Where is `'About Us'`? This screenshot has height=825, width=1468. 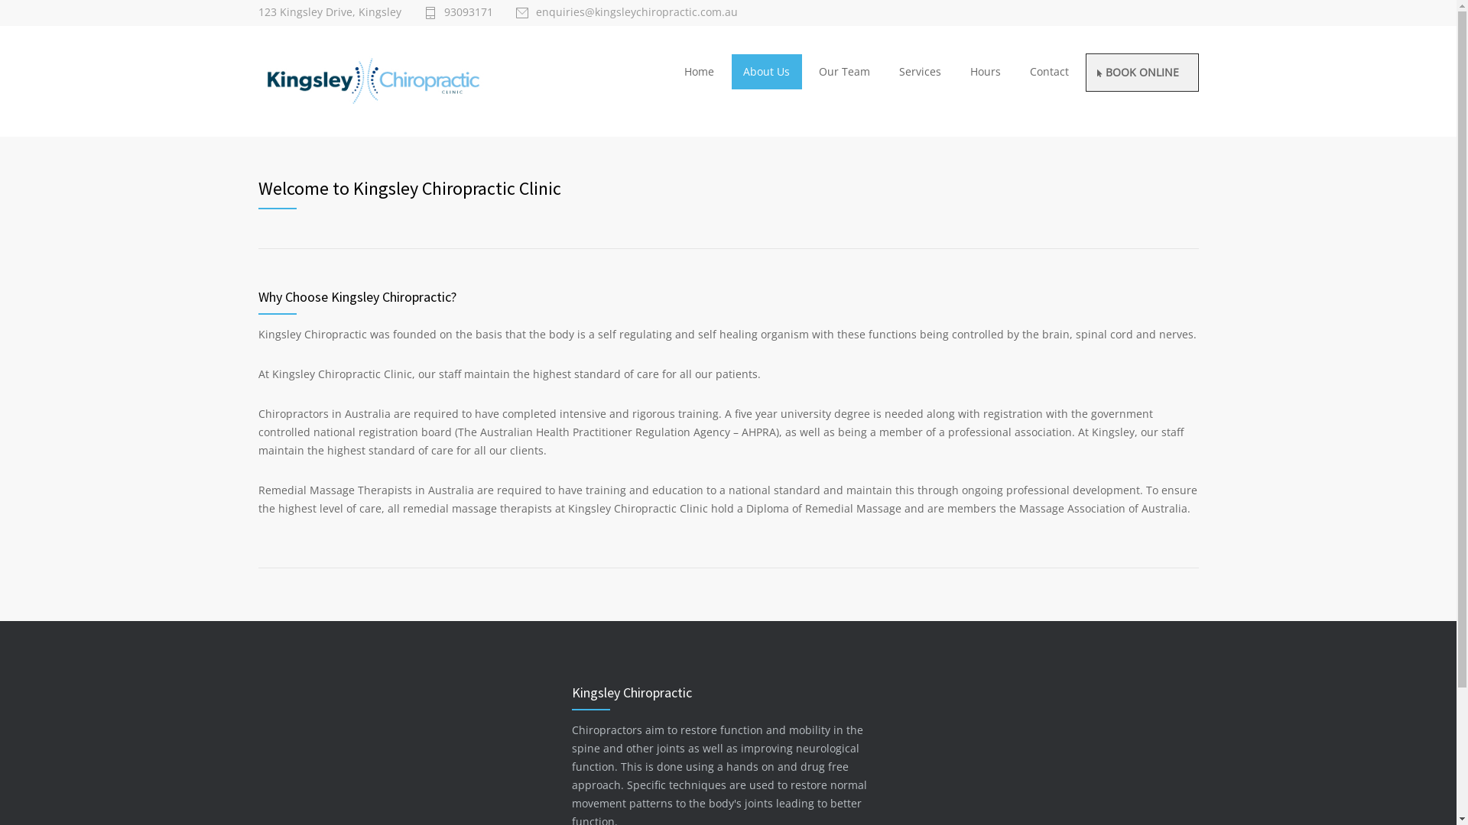 'About Us' is located at coordinates (767, 71).